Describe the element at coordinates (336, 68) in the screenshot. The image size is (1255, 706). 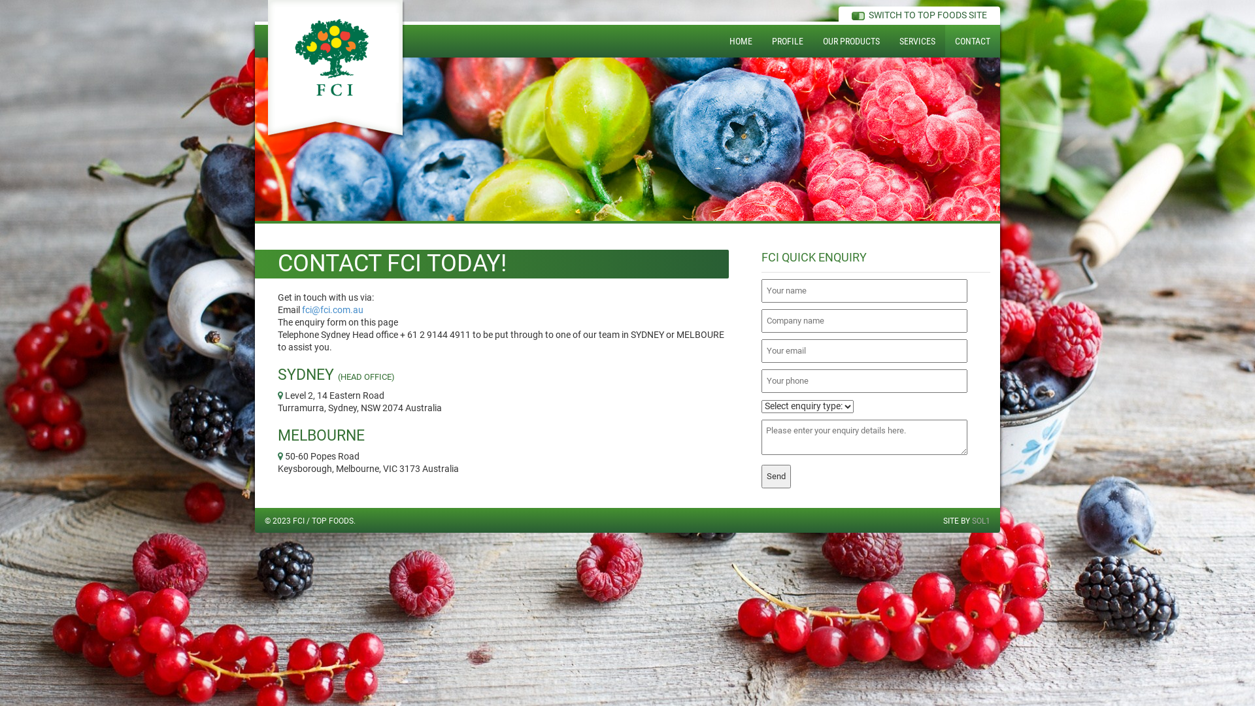
I see `'FCI / Top Foods'` at that location.